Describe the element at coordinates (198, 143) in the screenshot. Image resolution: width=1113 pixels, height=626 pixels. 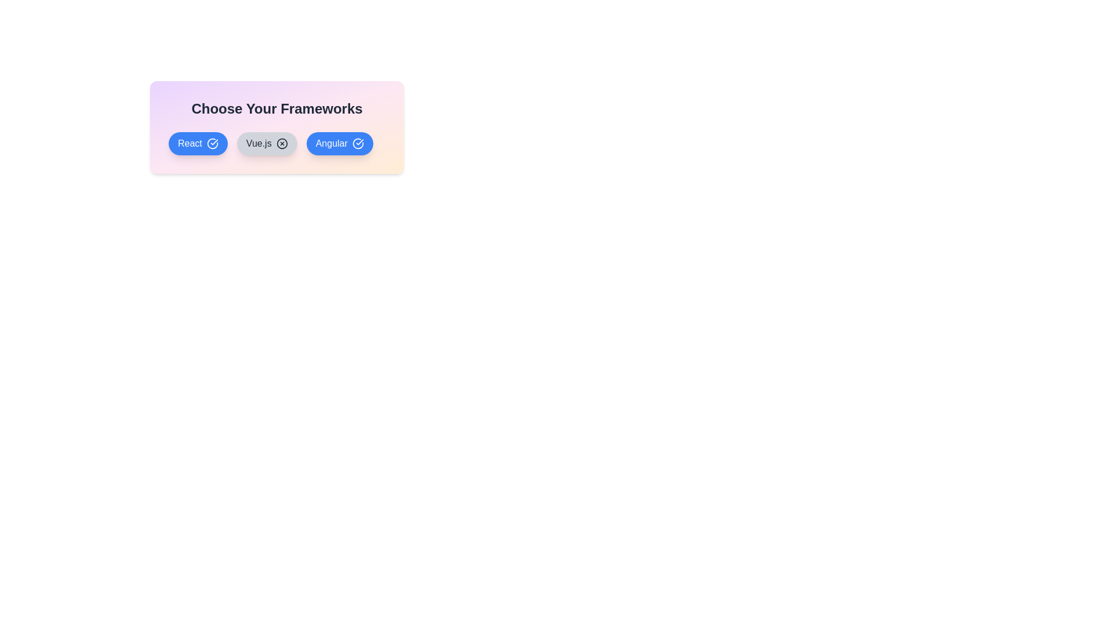
I see `the chip labeled React` at that location.